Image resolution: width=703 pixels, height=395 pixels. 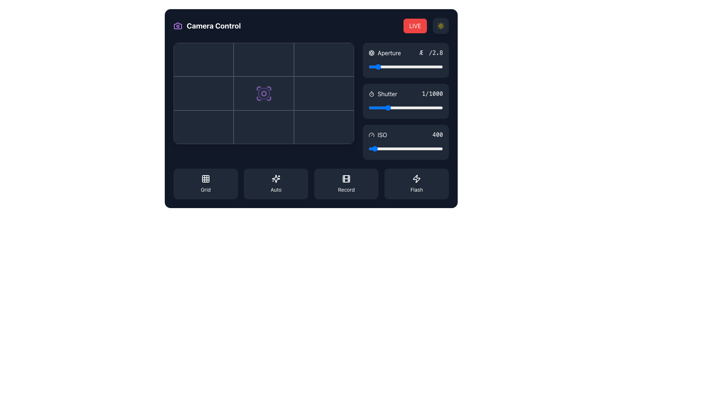 What do you see at coordinates (432, 108) in the screenshot?
I see `the shutter speed` at bounding box center [432, 108].